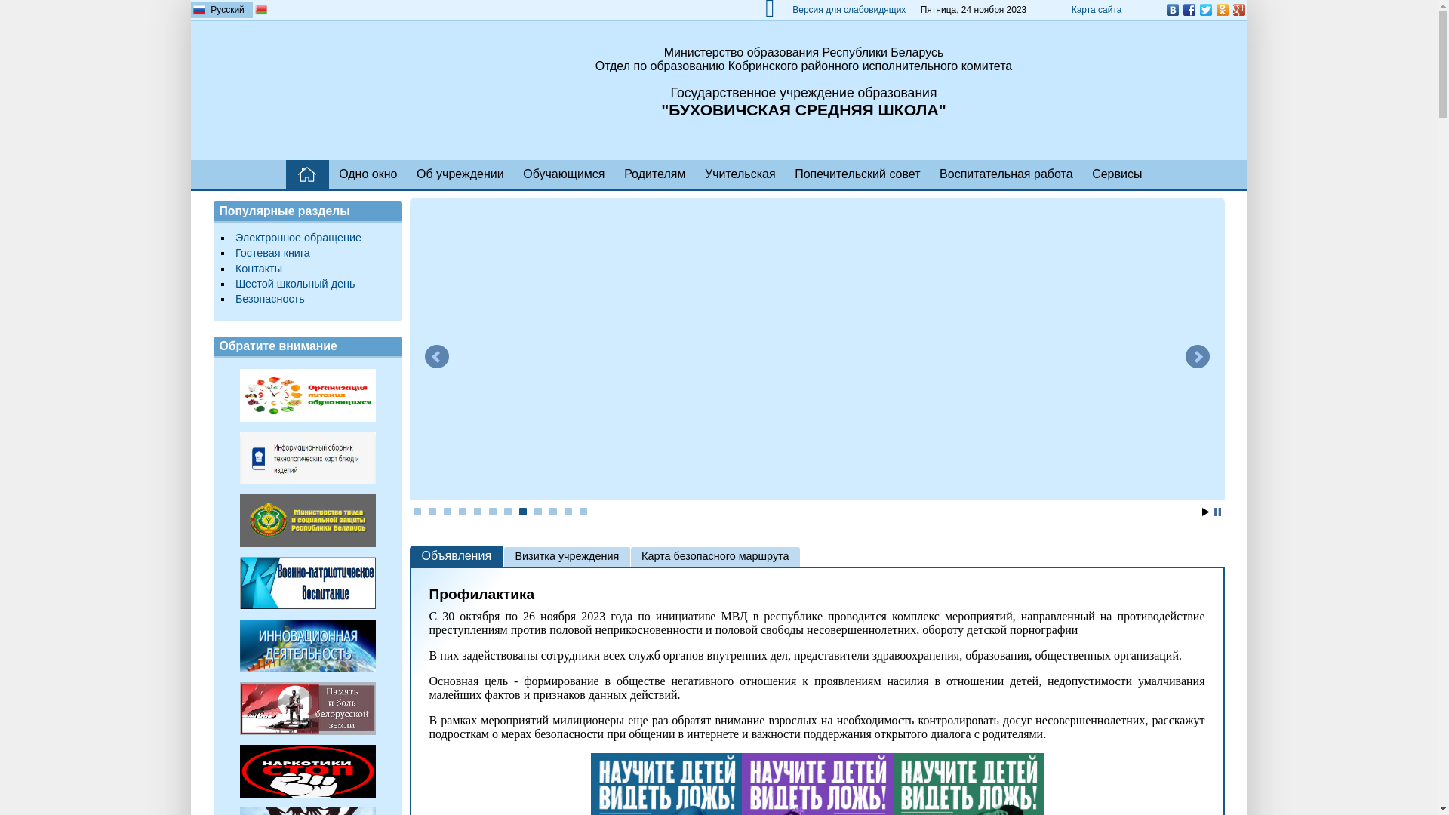 The image size is (1449, 815). I want to click on '12', so click(582, 511).